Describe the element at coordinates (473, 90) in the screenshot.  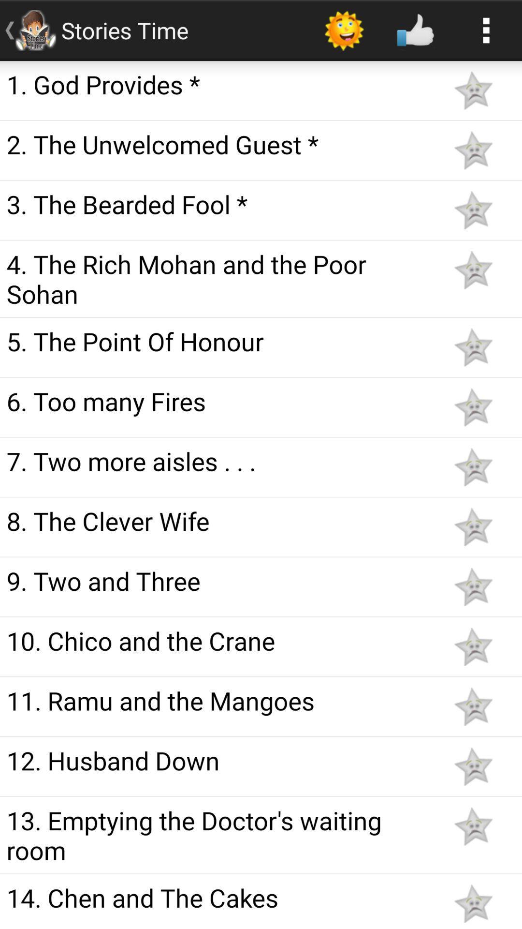
I see `bookmark the story` at that location.